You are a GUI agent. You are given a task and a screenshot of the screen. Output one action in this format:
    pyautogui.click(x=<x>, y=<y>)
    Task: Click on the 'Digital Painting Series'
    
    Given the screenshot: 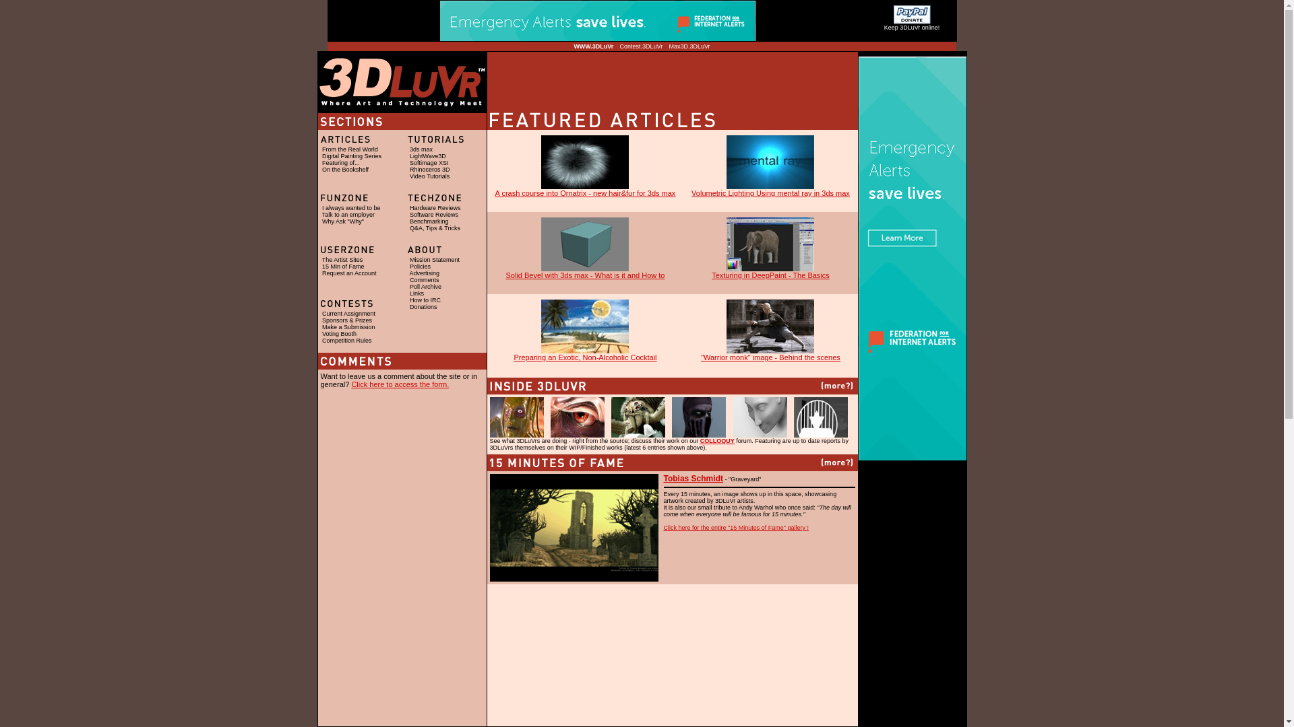 What is the action you would take?
    pyautogui.click(x=352, y=155)
    